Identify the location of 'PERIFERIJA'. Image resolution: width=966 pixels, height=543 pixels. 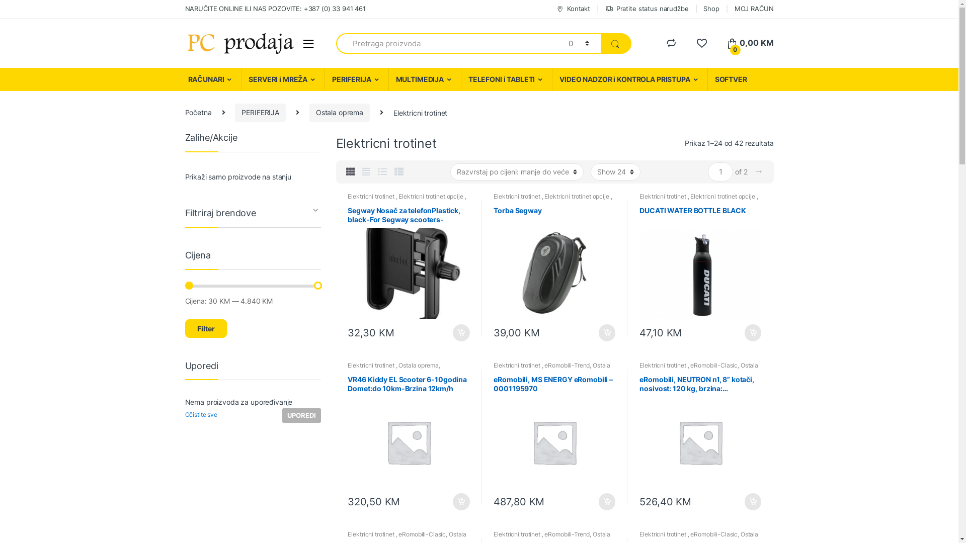
(324, 79).